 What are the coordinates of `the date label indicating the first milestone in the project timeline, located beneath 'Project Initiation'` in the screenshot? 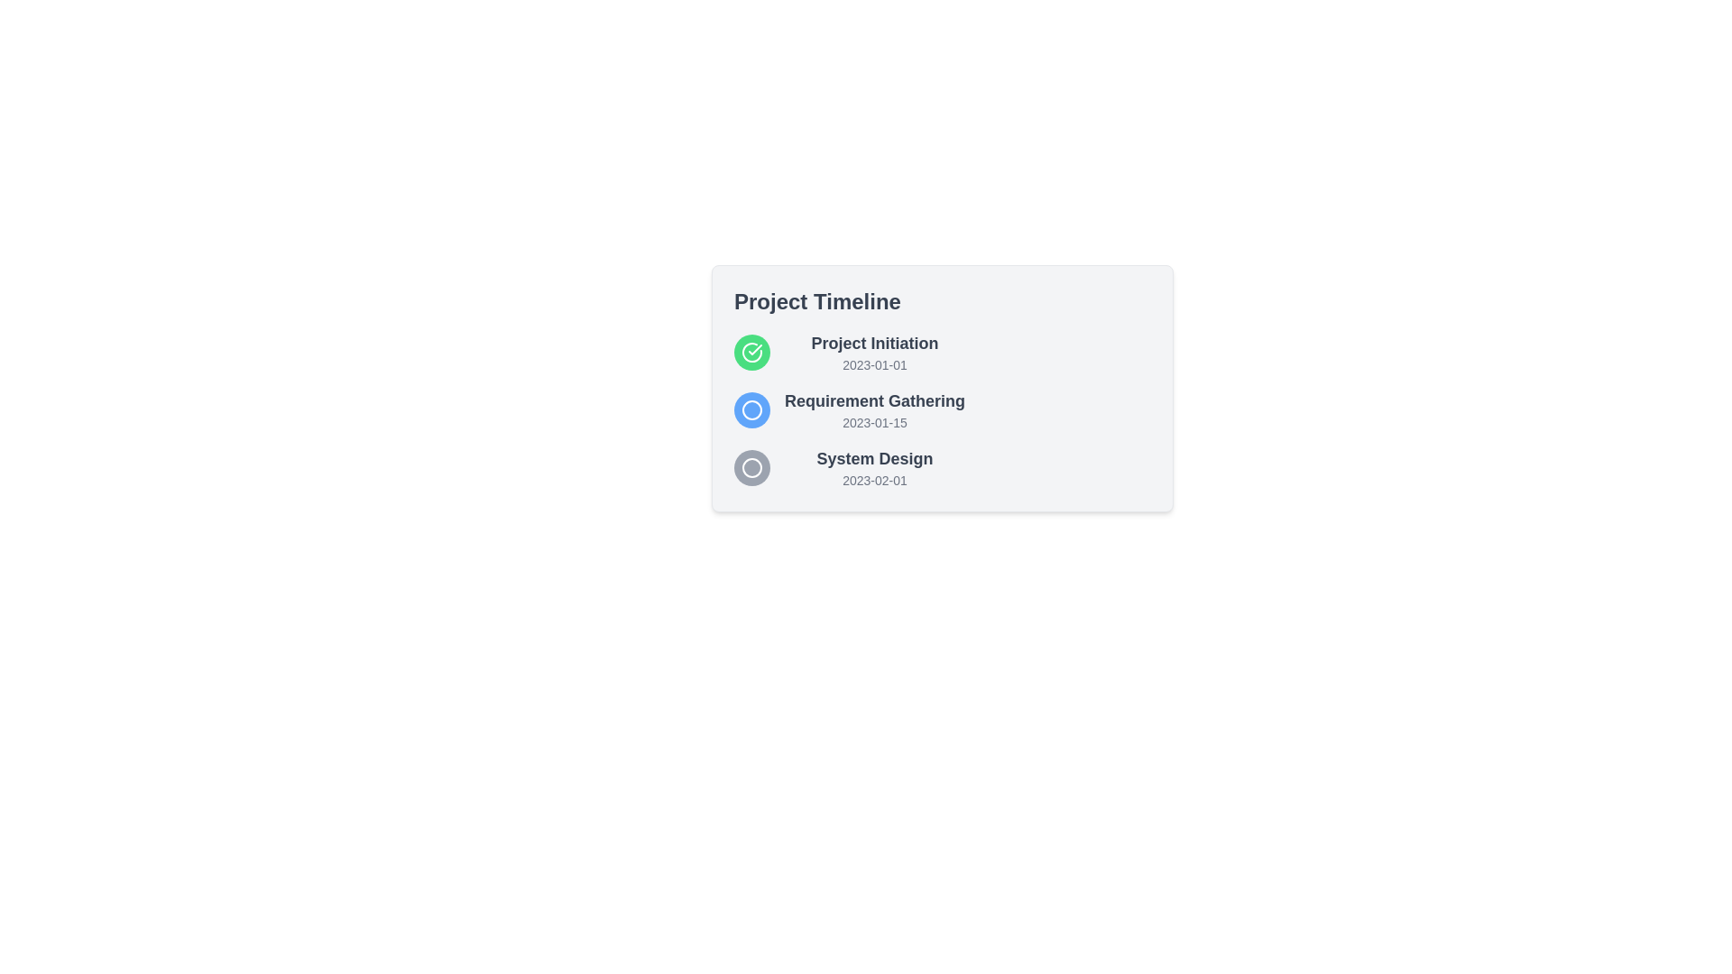 It's located at (874, 365).